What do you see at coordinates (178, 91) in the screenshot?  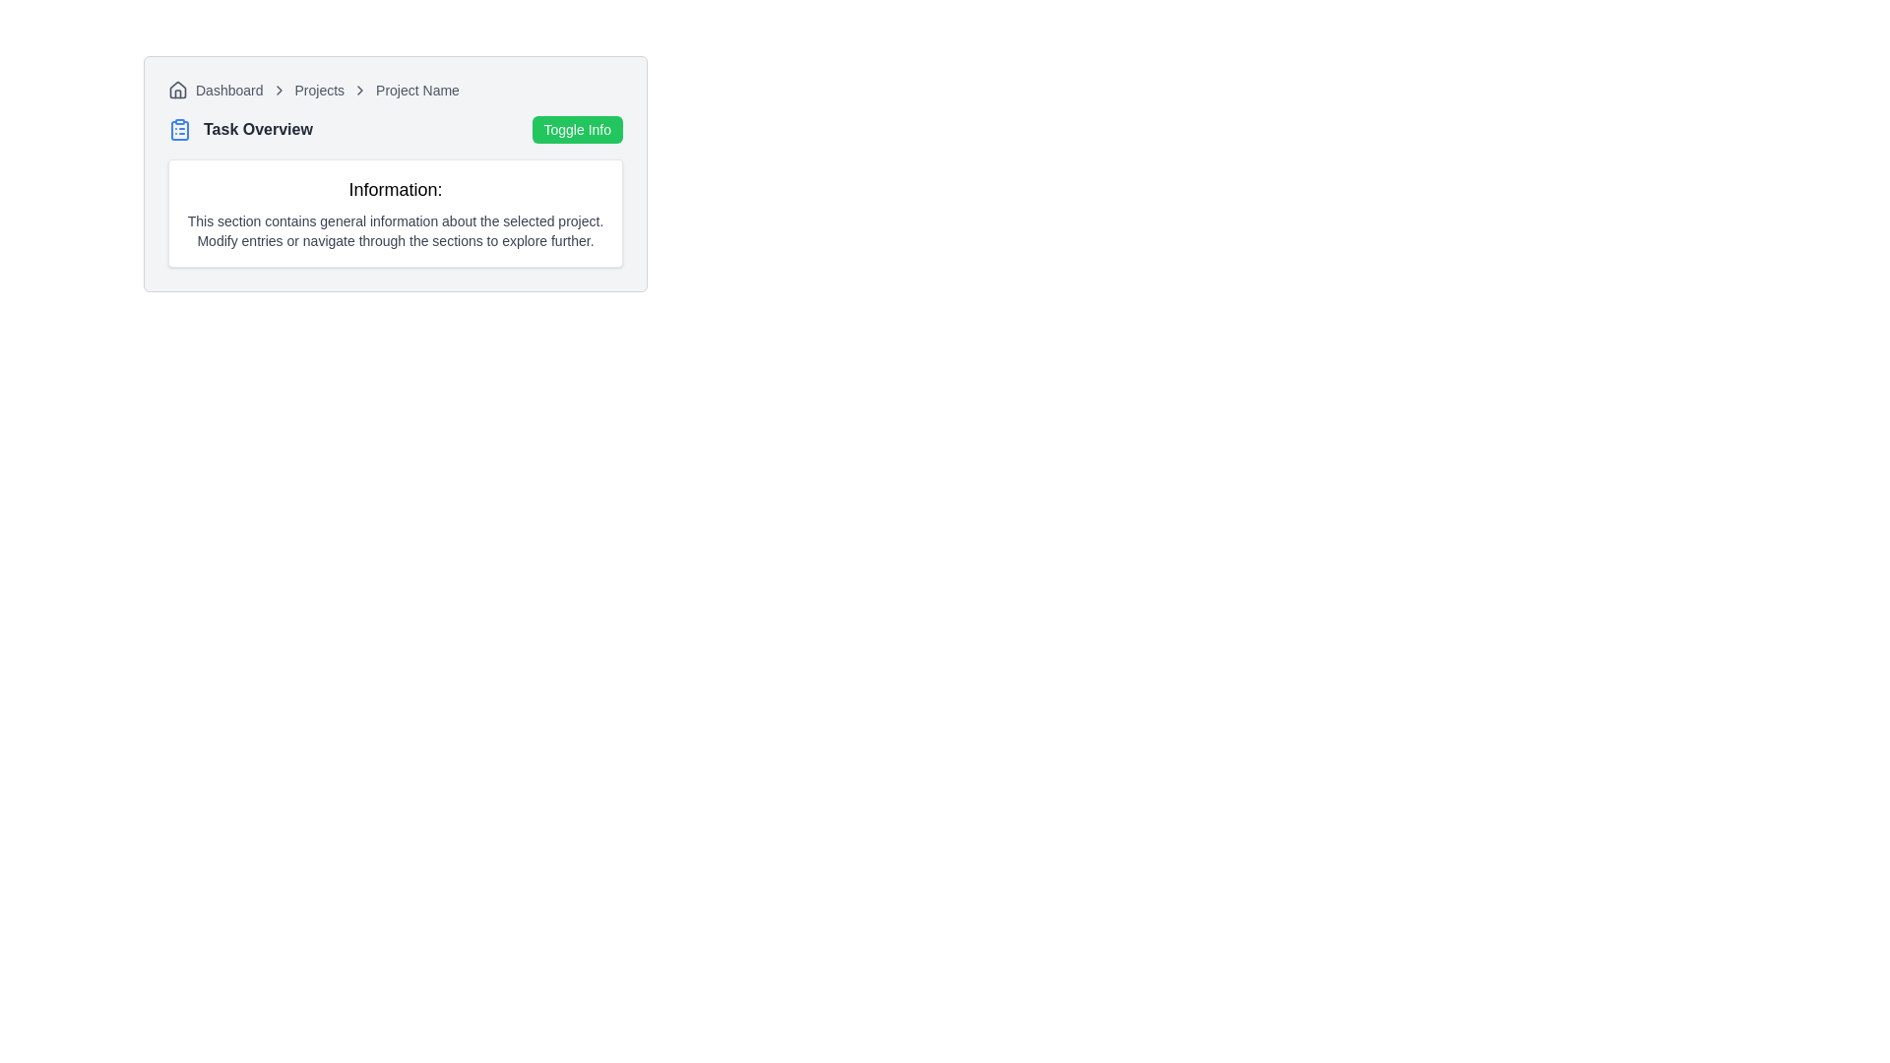 I see `the icon located at the very left of the breadcrumb navigation bar, which precedes the text 'Dashboard'` at bounding box center [178, 91].